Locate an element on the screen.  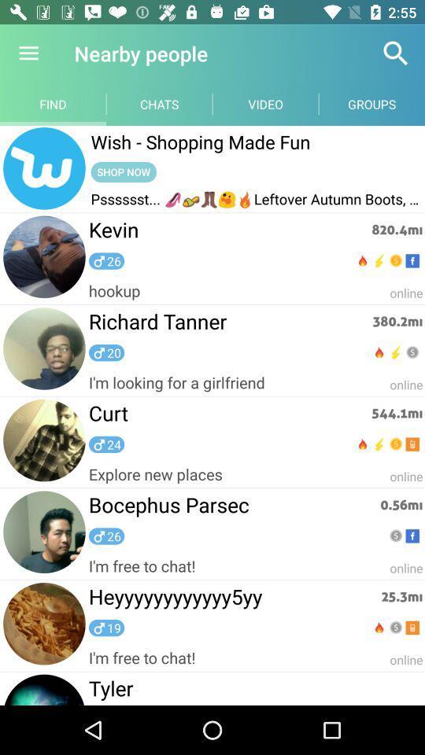
icon next to nearby people is located at coordinates (28, 53).